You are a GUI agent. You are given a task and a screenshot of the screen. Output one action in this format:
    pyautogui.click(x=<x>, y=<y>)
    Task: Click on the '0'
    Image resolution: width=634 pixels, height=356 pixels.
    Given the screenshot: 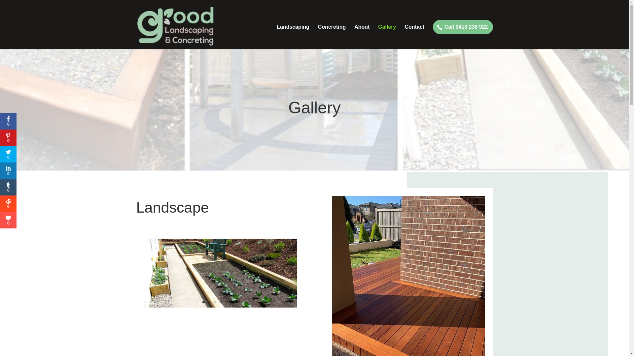 What is the action you would take?
    pyautogui.click(x=8, y=154)
    